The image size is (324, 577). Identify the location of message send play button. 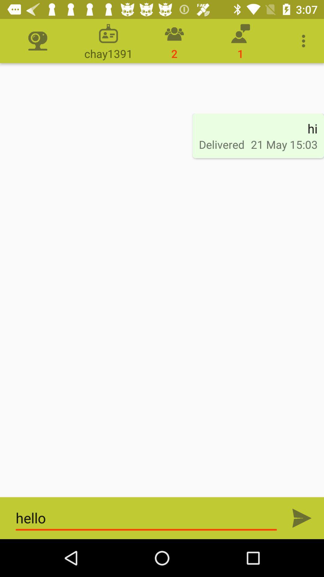
(302, 518).